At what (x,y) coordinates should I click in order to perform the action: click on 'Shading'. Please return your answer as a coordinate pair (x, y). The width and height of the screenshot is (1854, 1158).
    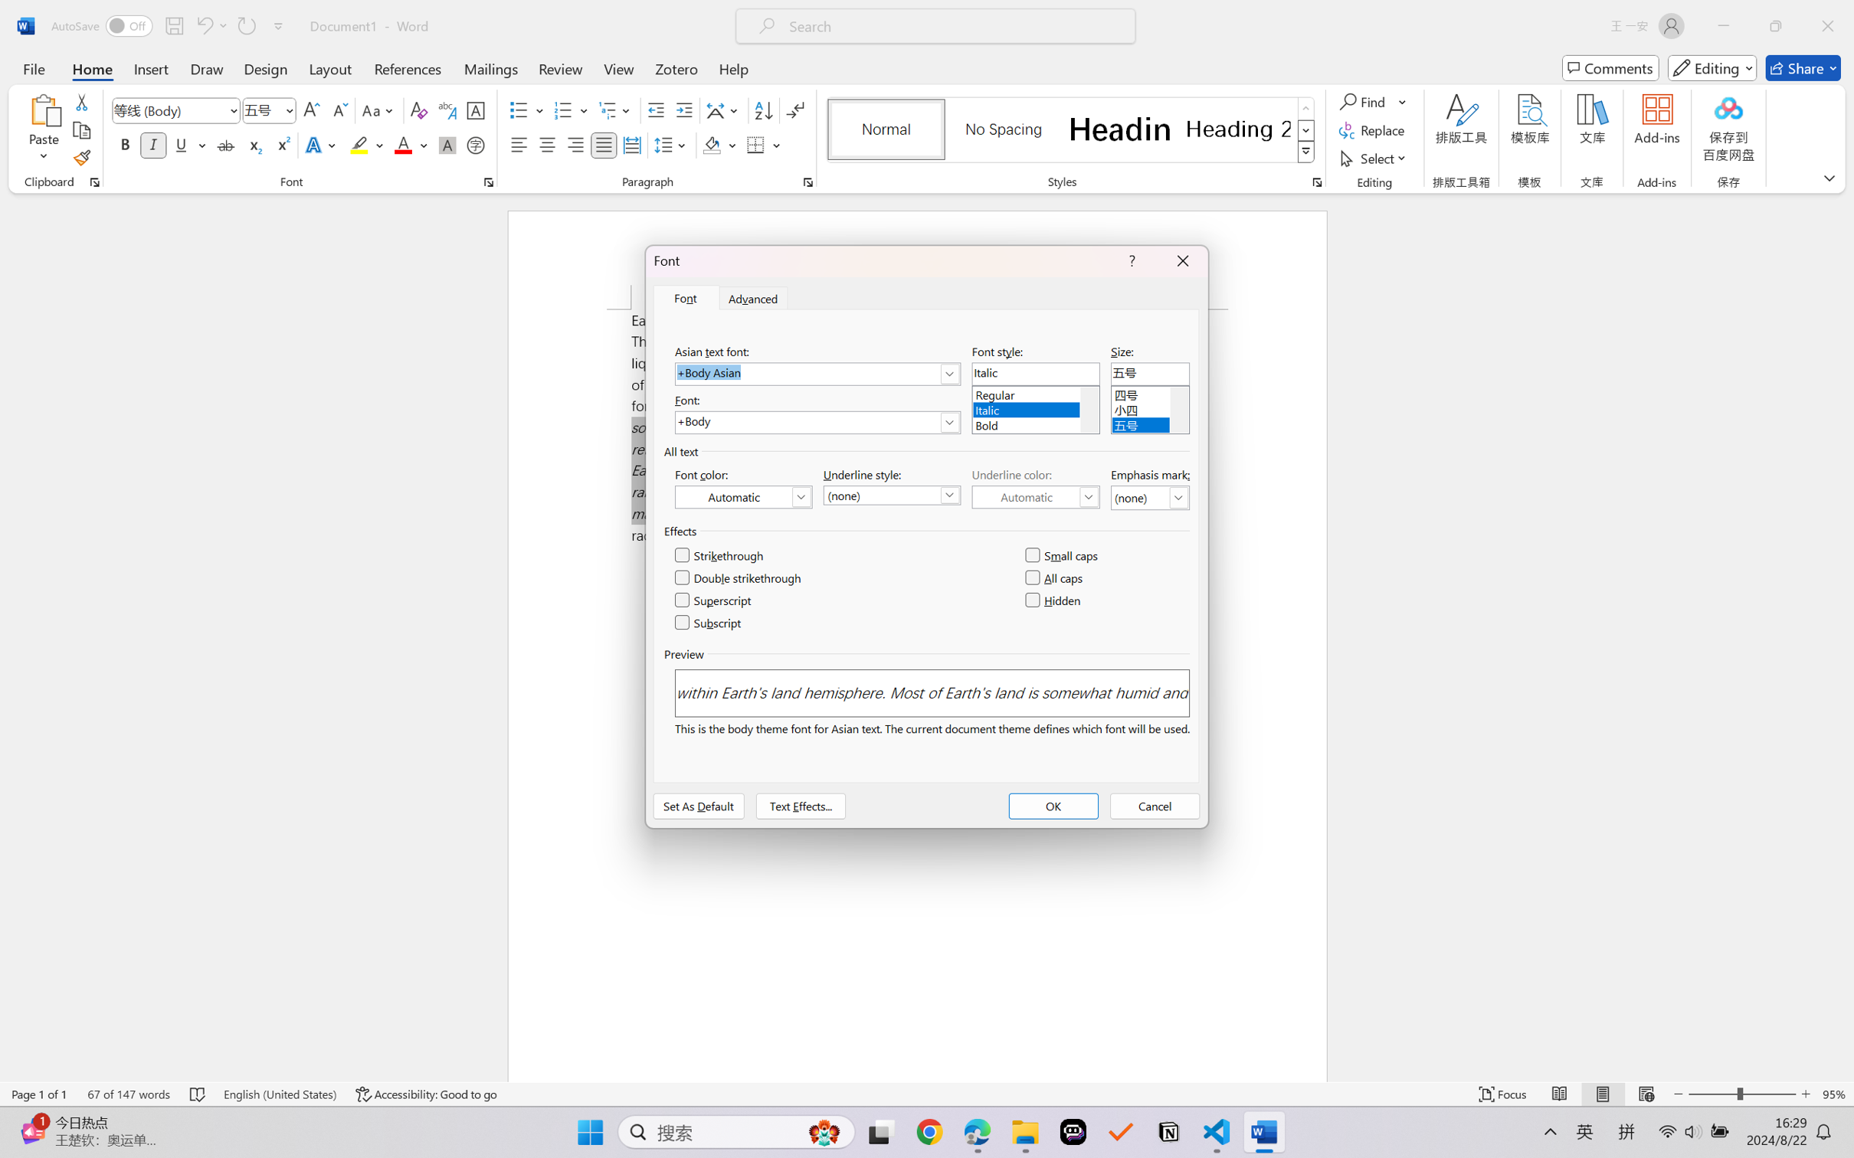
    Looking at the image, I should click on (719, 144).